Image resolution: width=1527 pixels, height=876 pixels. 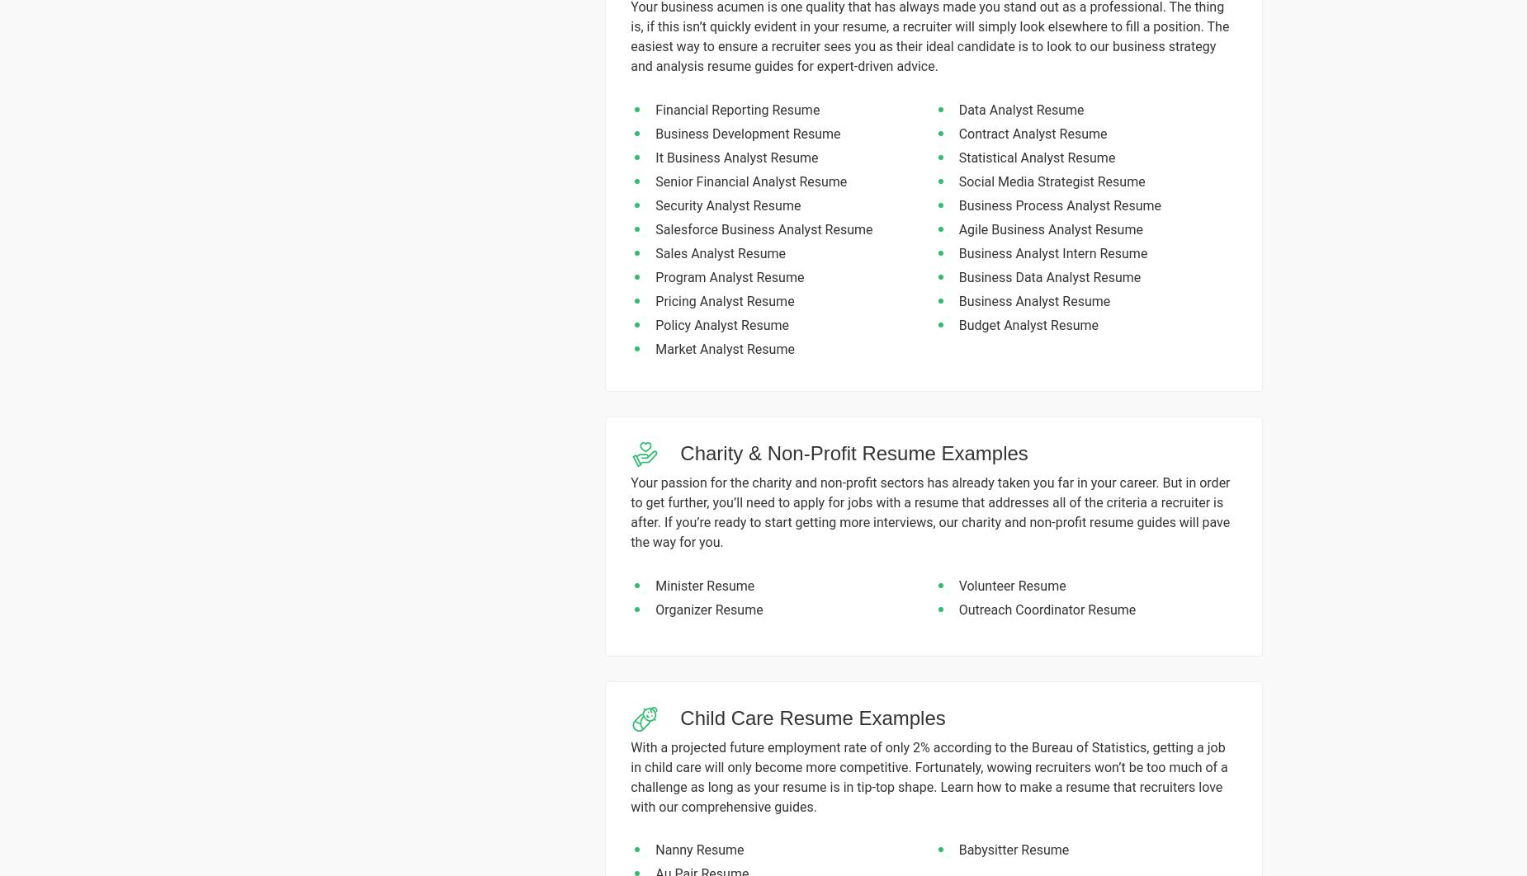 What do you see at coordinates (728, 205) in the screenshot?
I see `'Security Analyst Resume'` at bounding box center [728, 205].